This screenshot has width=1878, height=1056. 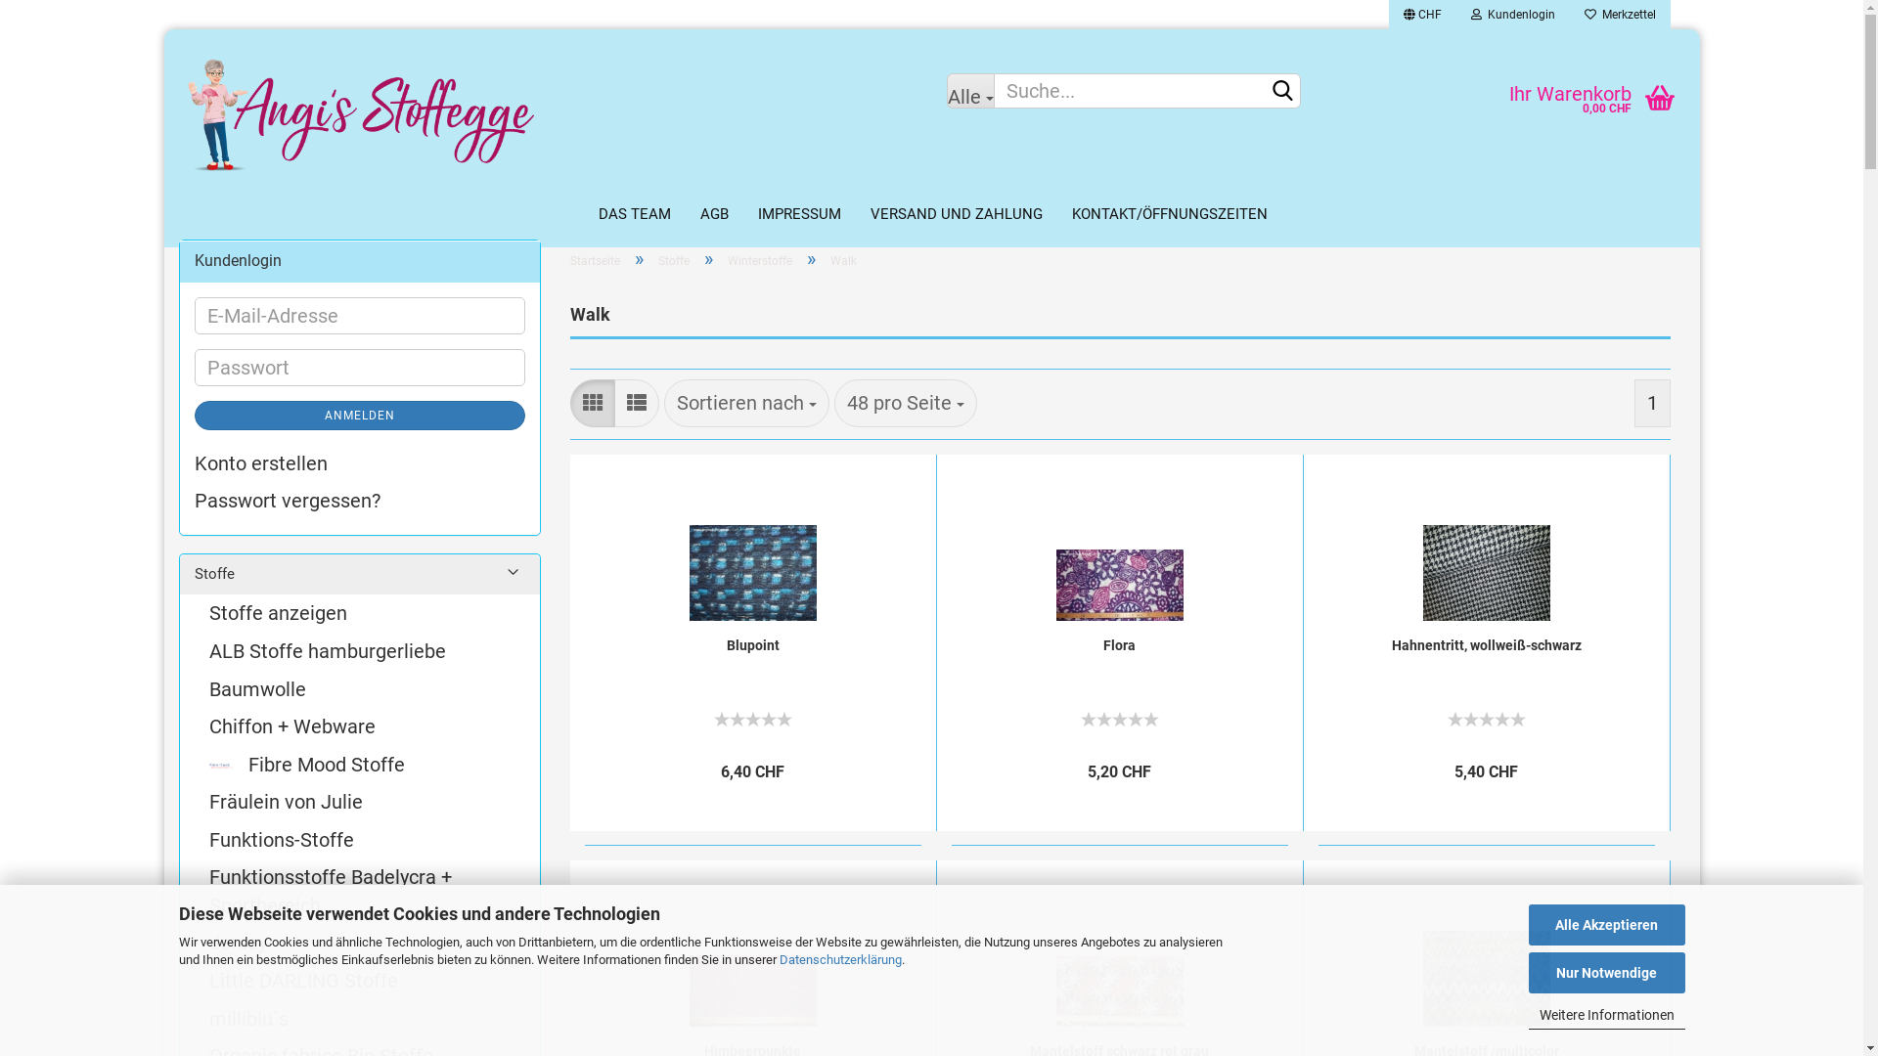 What do you see at coordinates (799, 214) in the screenshot?
I see `'IMPRESSUM'` at bounding box center [799, 214].